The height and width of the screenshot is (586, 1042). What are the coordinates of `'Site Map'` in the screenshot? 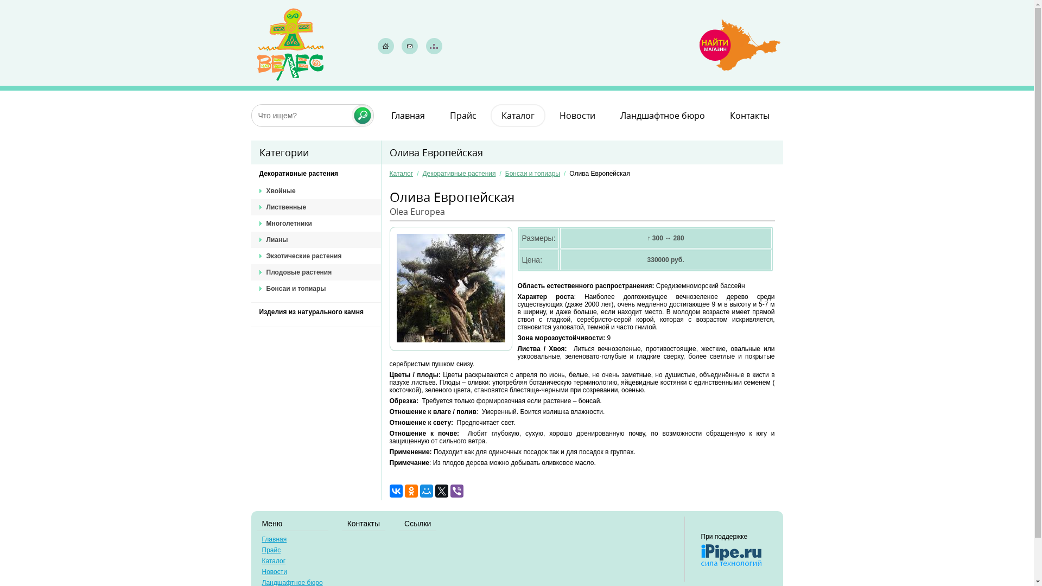 It's located at (434, 45).